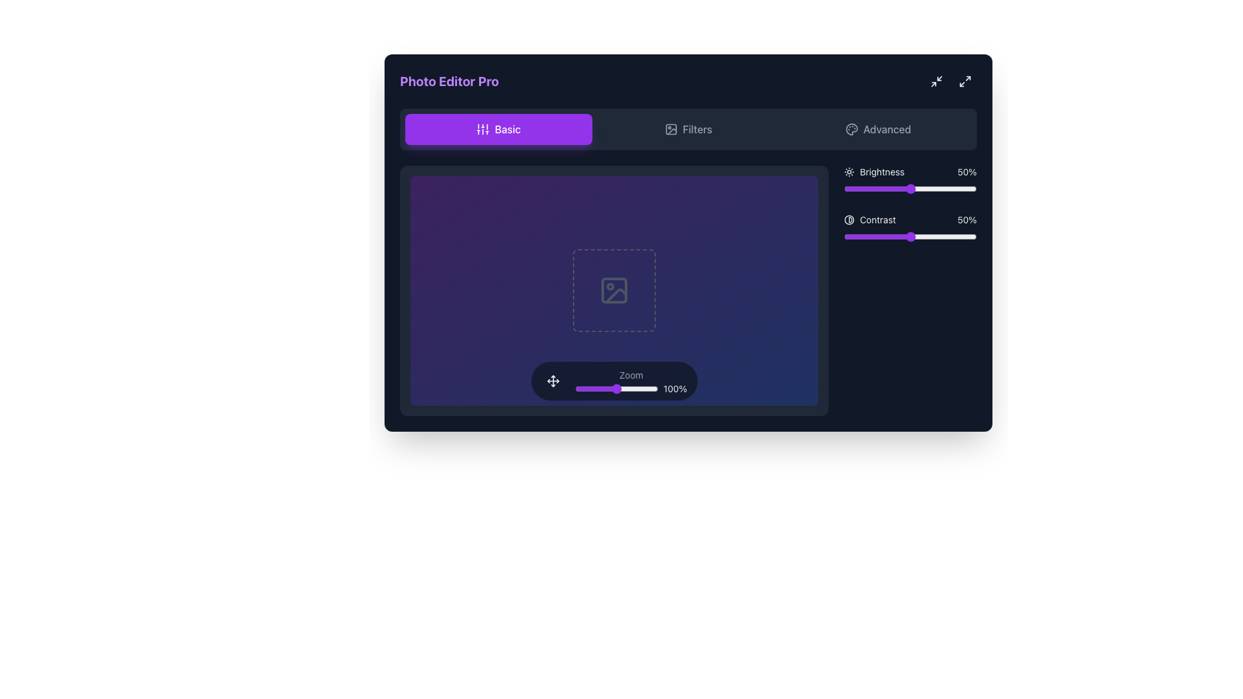  I want to click on slider value, so click(875, 189).